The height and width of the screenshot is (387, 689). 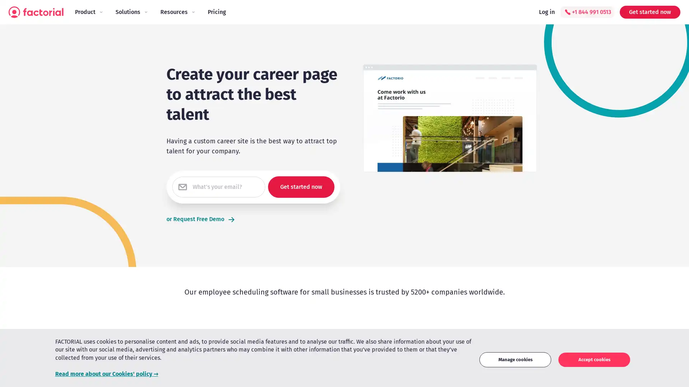 What do you see at coordinates (515, 359) in the screenshot?
I see `Manage cookies` at bounding box center [515, 359].